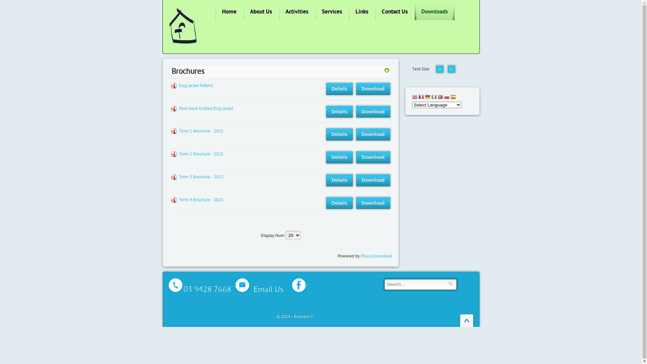 This screenshot has width=647, height=364. I want to click on 'Decrease Text Size', so click(436, 71).